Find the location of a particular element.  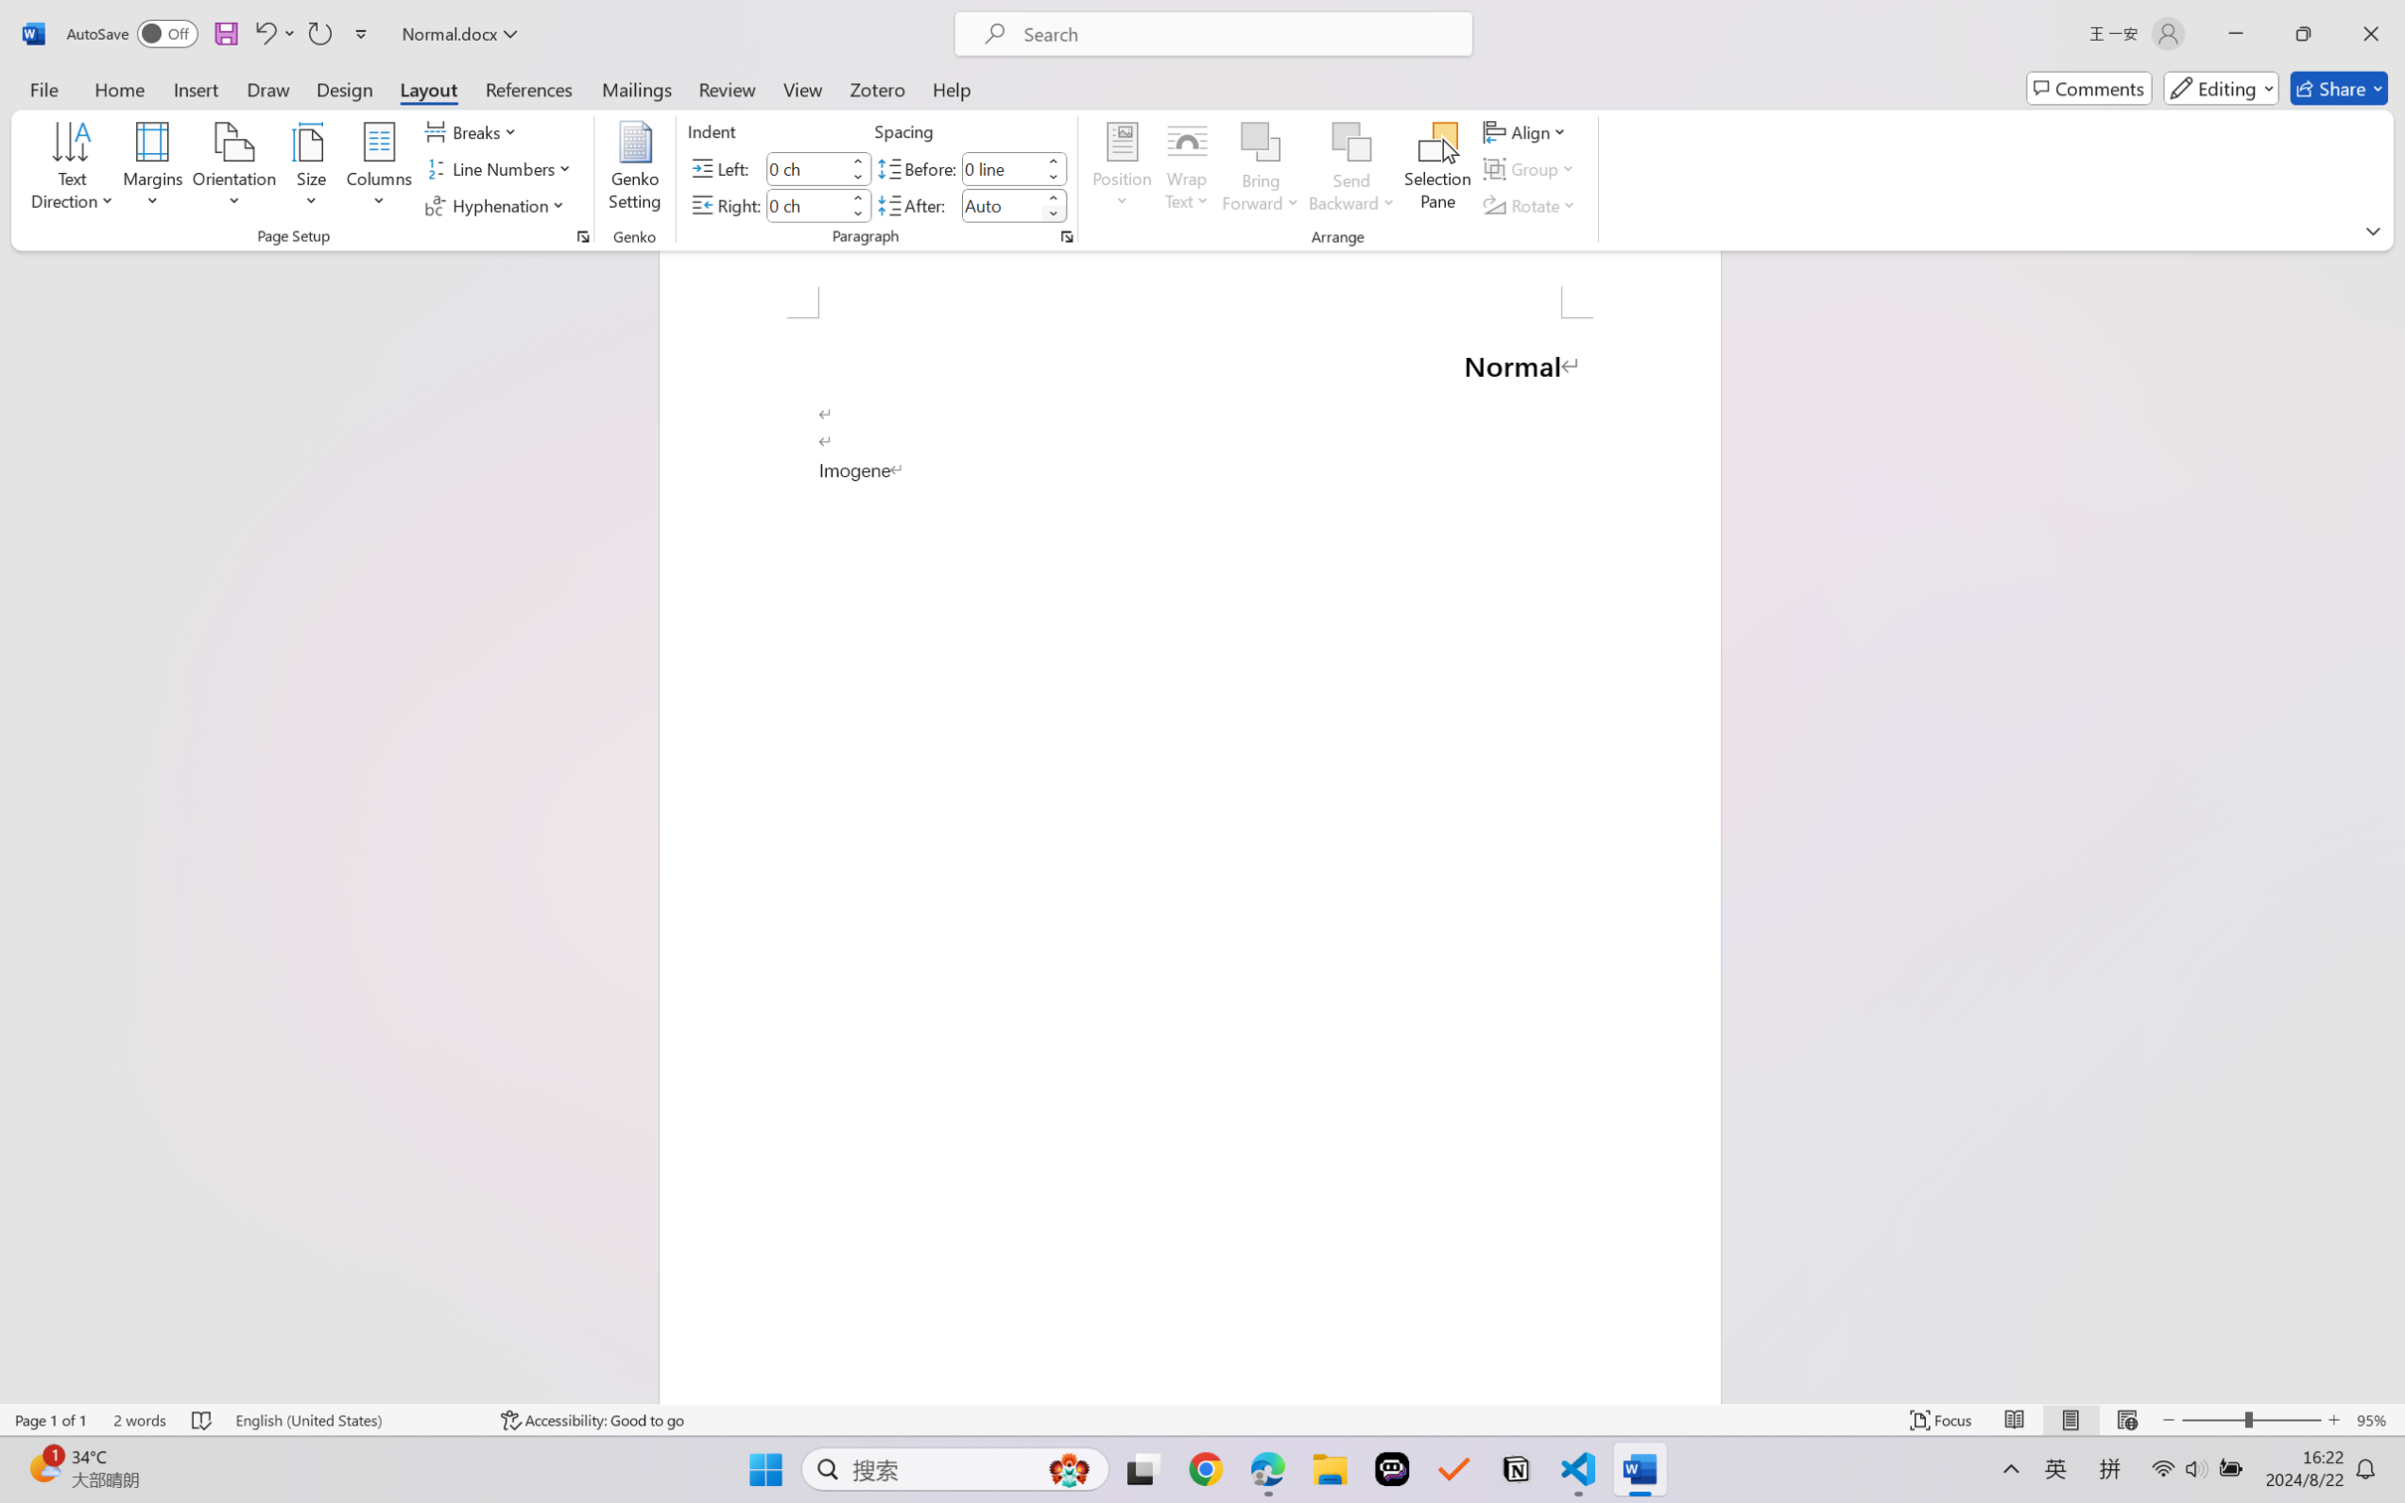

'Position' is located at coordinates (1121, 169).